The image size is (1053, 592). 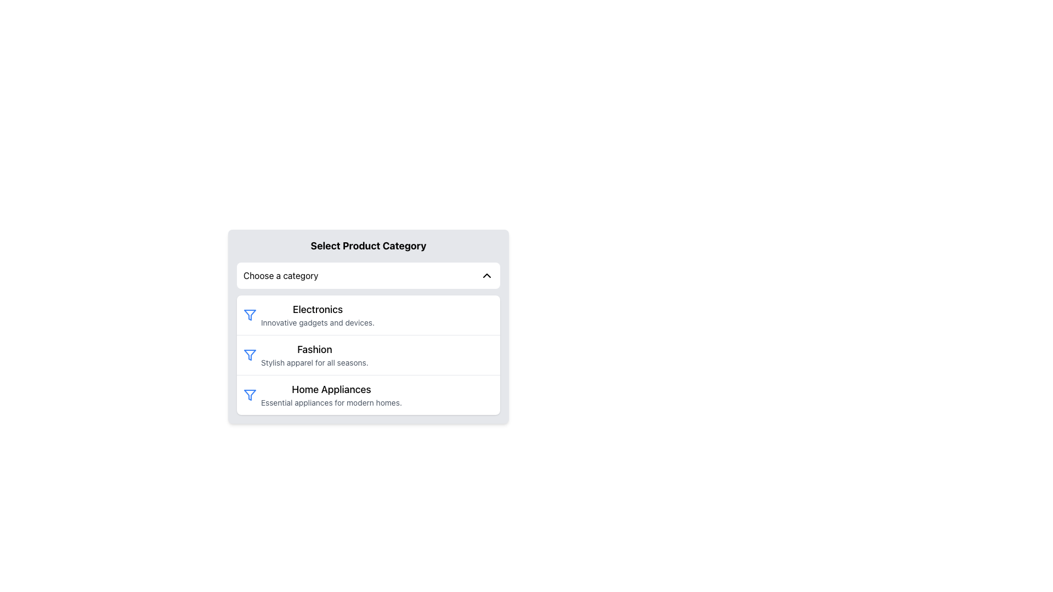 What do you see at coordinates (369, 395) in the screenshot?
I see `the list item labeled 'Home Appliances' which is the third item under 'Select Product Category'` at bounding box center [369, 395].